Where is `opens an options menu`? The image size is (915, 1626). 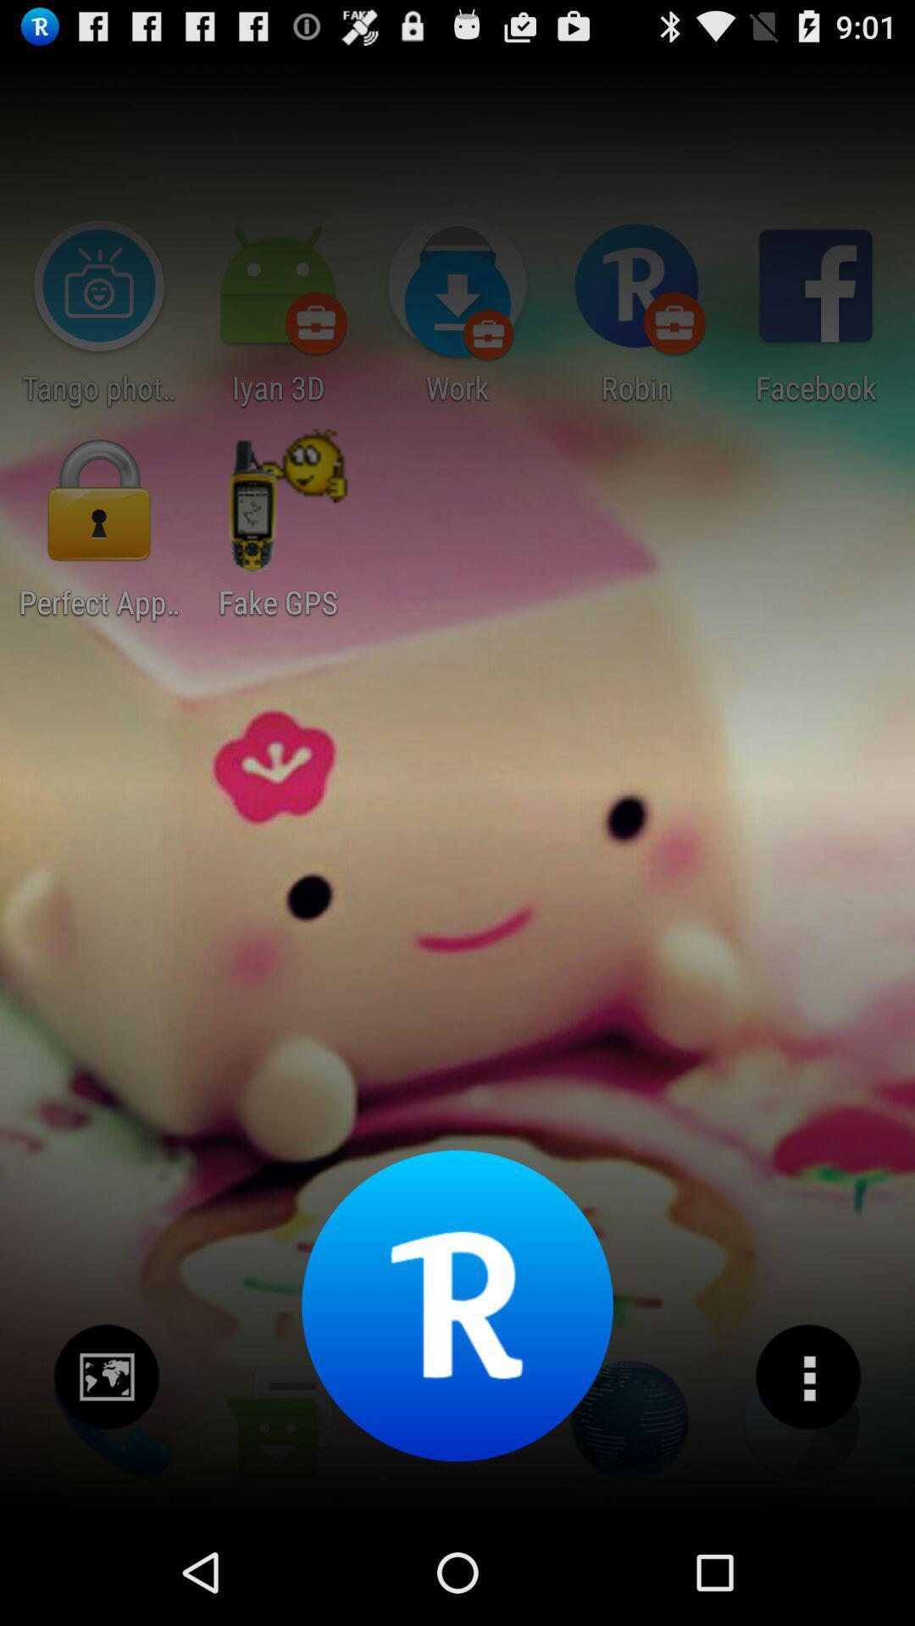 opens an options menu is located at coordinates (807, 1377).